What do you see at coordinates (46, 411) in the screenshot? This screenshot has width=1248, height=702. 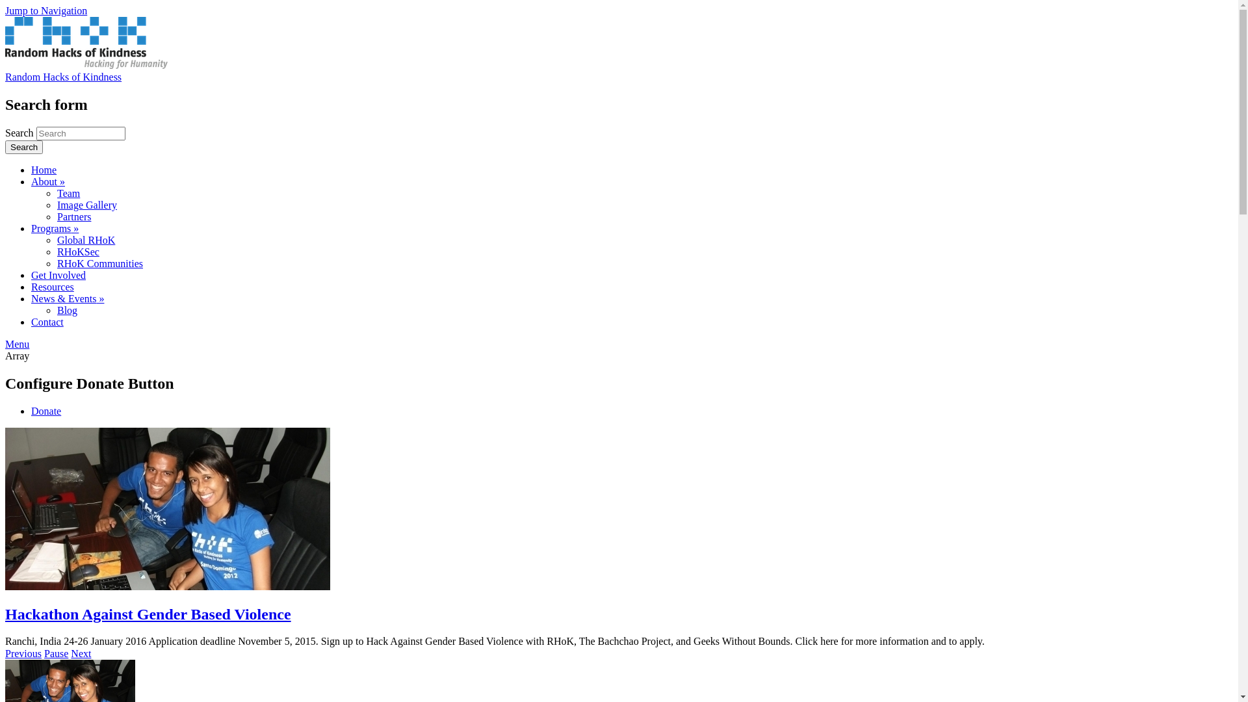 I see `'Donate'` at bounding box center [46, 411].